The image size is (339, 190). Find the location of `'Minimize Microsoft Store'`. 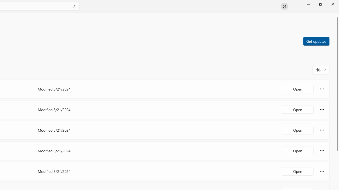

'Minimize Microsoft Store' is located at coordinates (308, 4).